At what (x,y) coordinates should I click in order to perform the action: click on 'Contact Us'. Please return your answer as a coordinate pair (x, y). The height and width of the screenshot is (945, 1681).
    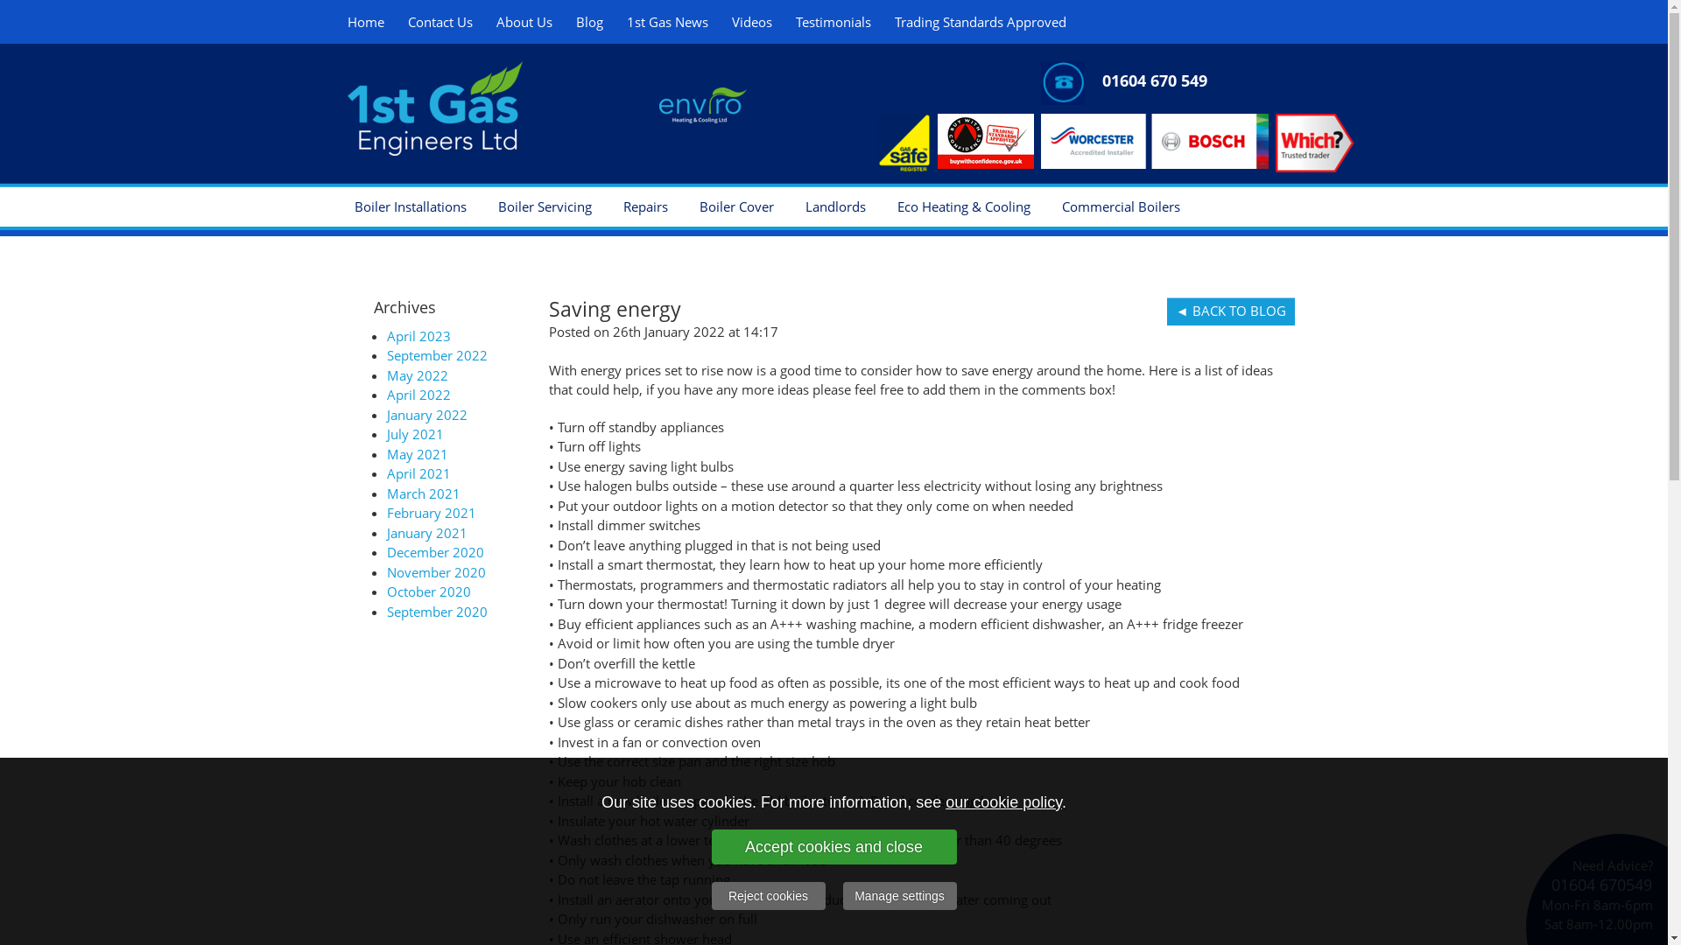
    Looking at the image, I should click on (398, 21).